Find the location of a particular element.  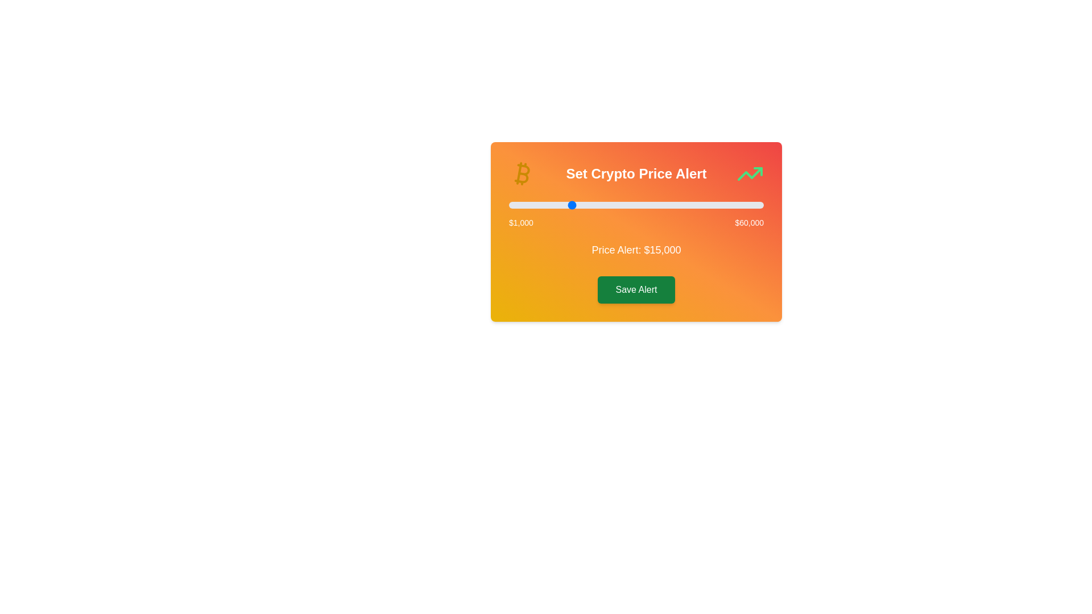

the minimum value label to highlight it is located at coordinates (520, 223).